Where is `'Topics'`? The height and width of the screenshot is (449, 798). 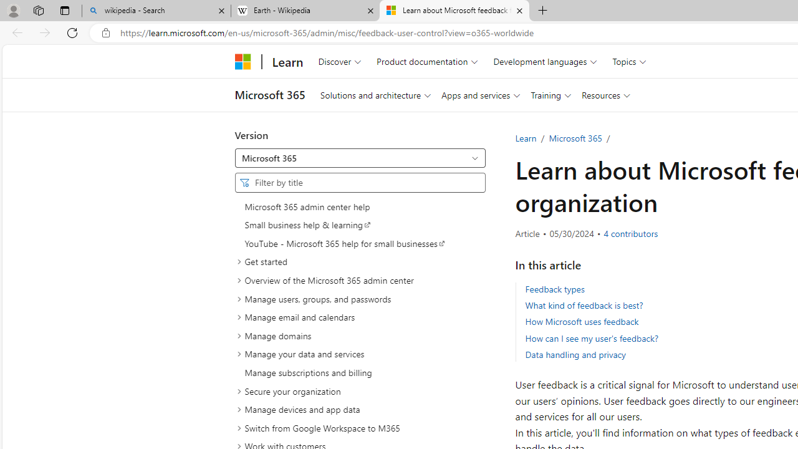
'Topics' is located at coordinates (629, 61).